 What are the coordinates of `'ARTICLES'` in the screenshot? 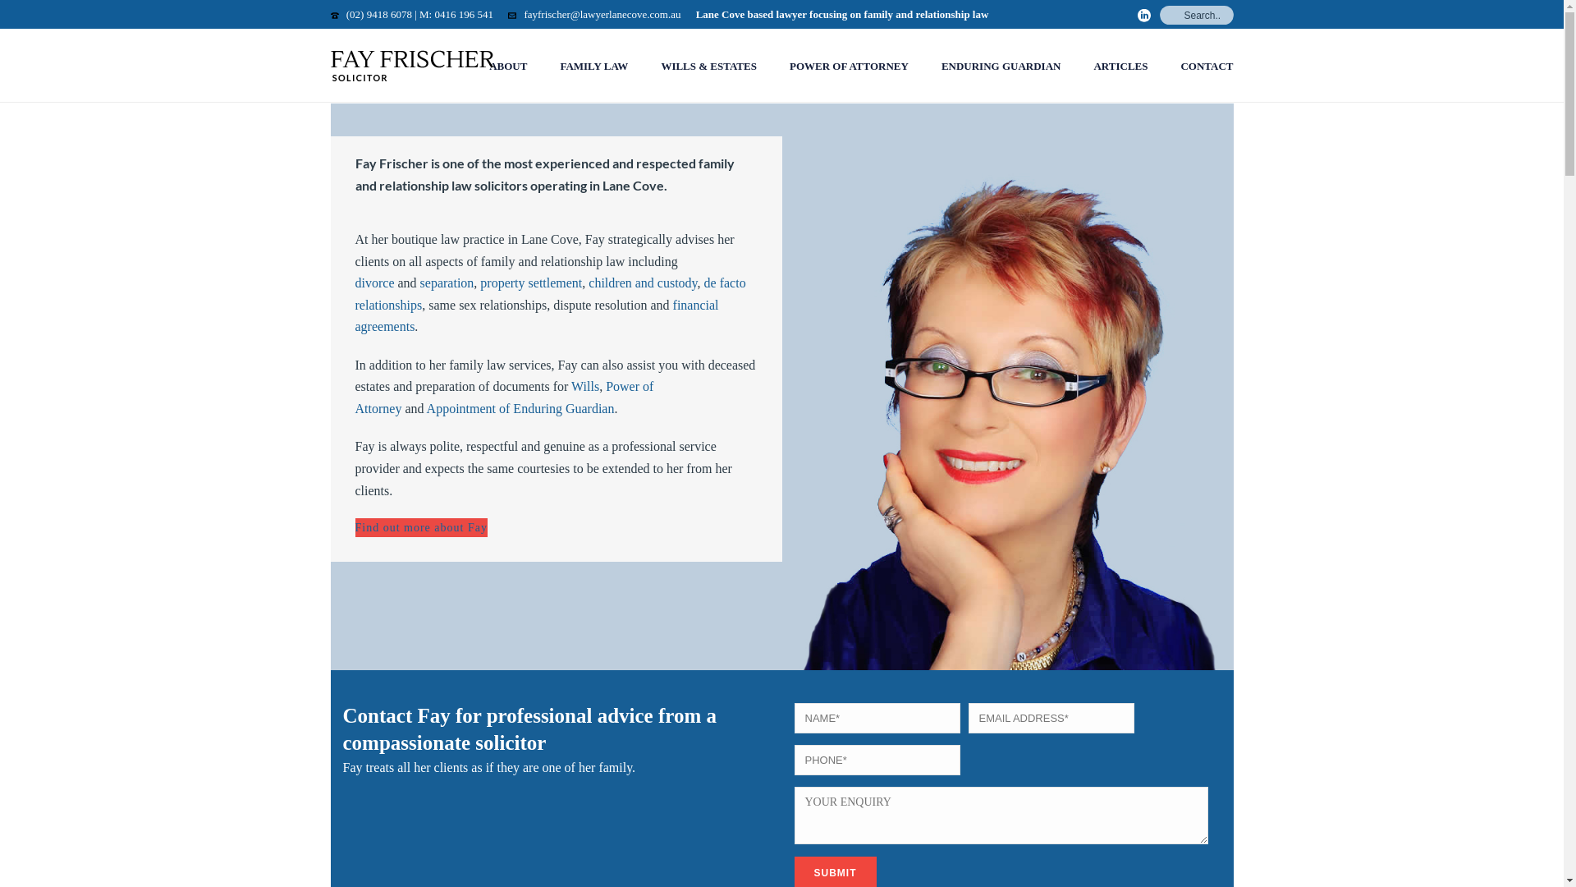 It's located at (1119, 66).